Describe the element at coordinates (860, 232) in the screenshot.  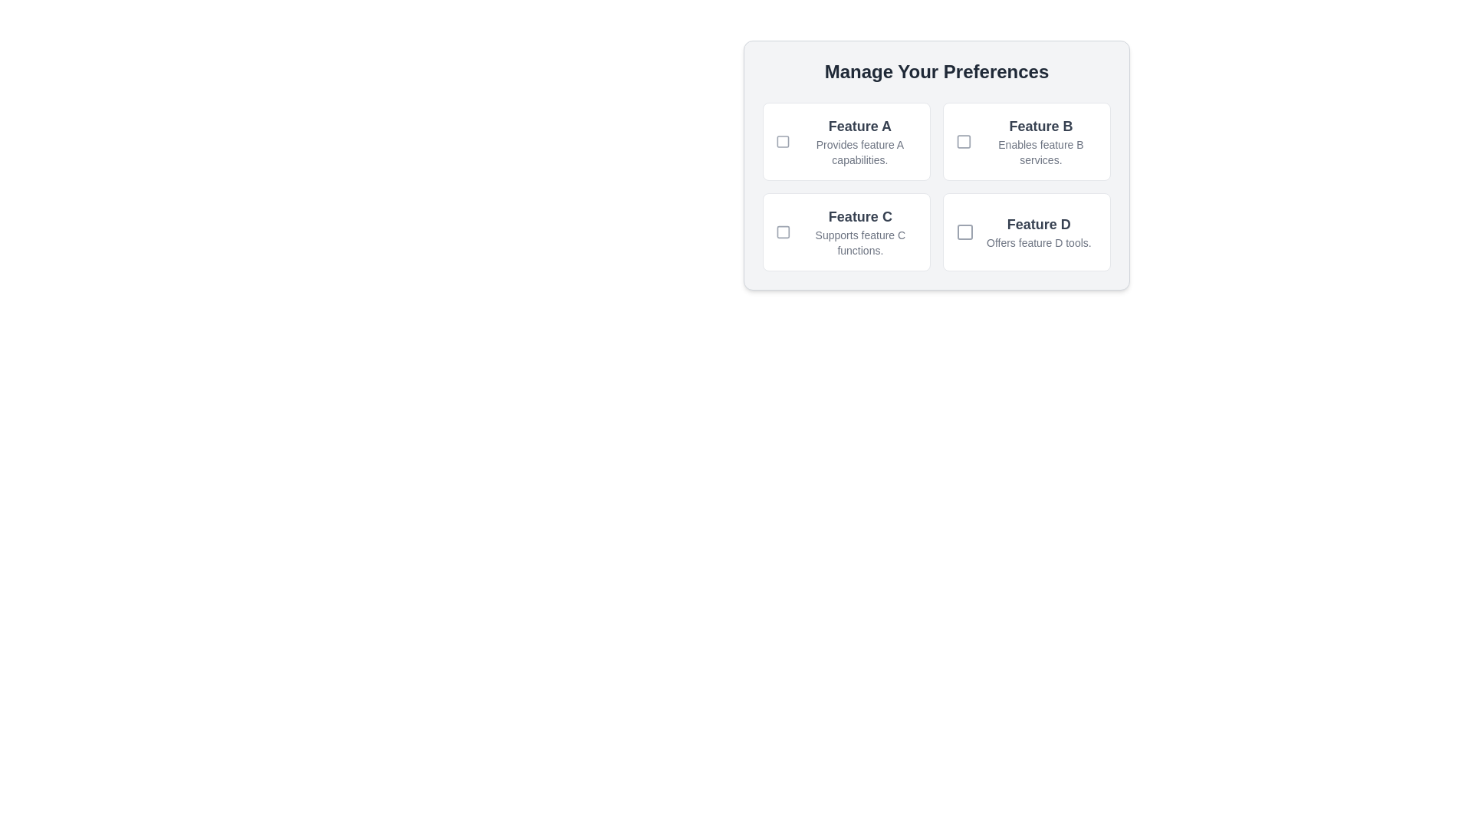
I see `text information about 'Feature C' which consists of the prominently styled text 'Feature C' and the additional details 'Supports feature C functions.' located in the bottom left area of the interface under the heading 'Manage Your Preferences'` at that location.